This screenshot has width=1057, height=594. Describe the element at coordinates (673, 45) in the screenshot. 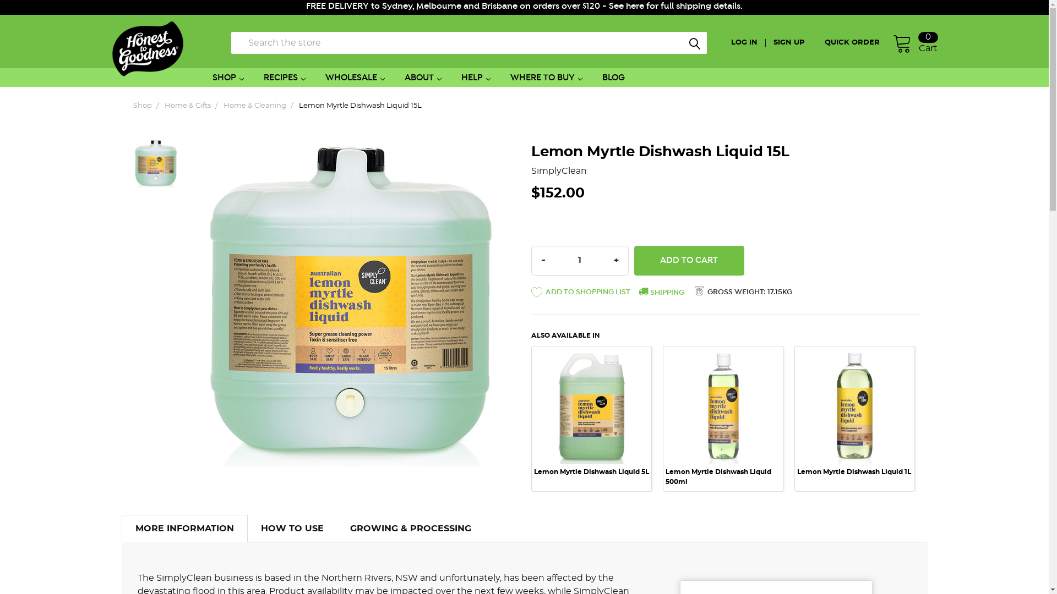

I see `'Search'` at that location.